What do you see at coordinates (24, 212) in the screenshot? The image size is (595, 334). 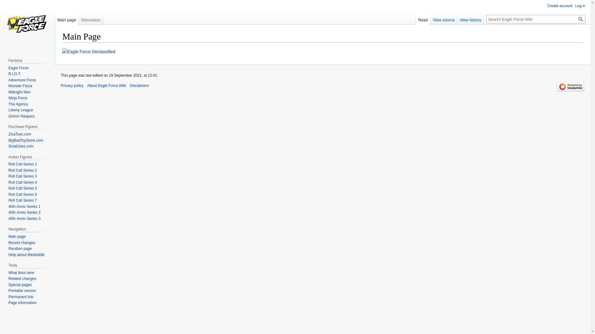 I see `'40th Anniv Series 2'` at bounding box center [24, 212].